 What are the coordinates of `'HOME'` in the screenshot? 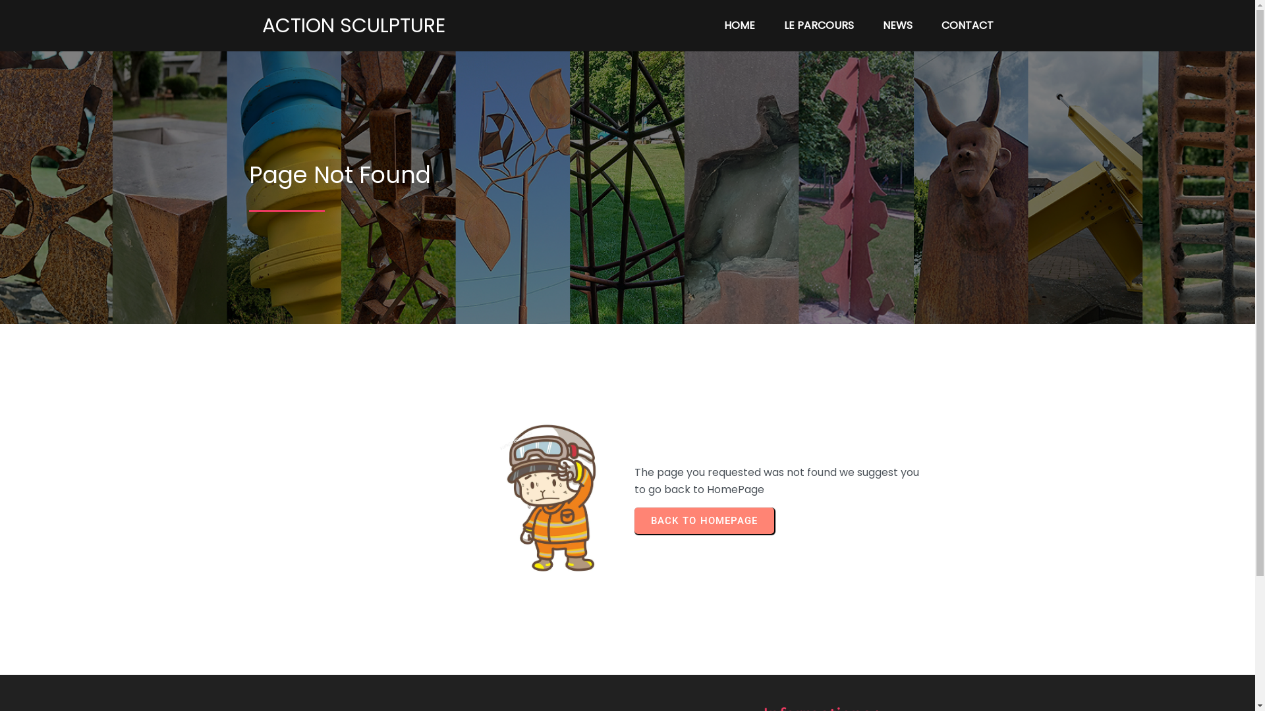 It's located at (710, 25).